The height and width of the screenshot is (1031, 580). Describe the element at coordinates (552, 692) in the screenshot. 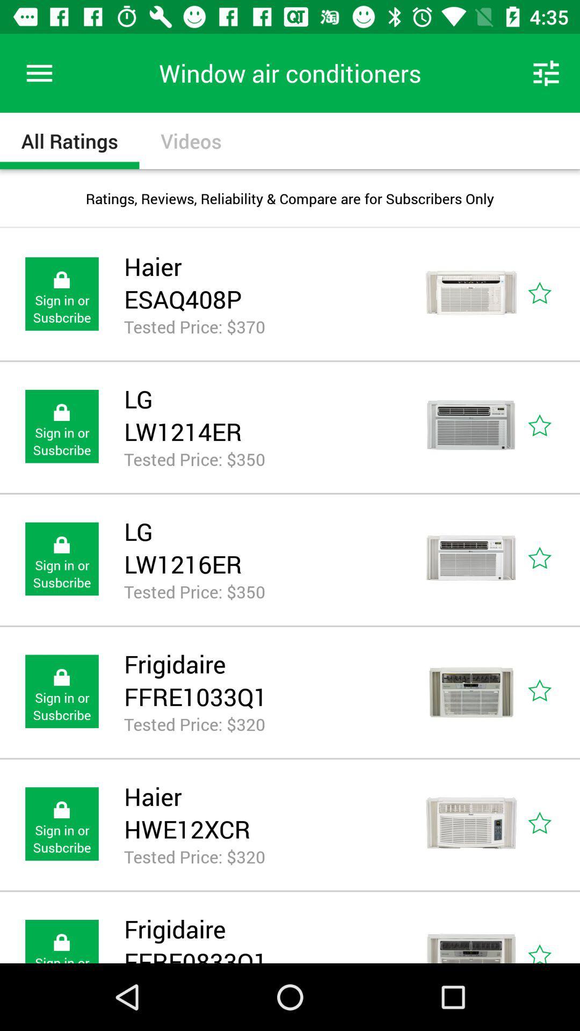

I see `mark the star` at that location.